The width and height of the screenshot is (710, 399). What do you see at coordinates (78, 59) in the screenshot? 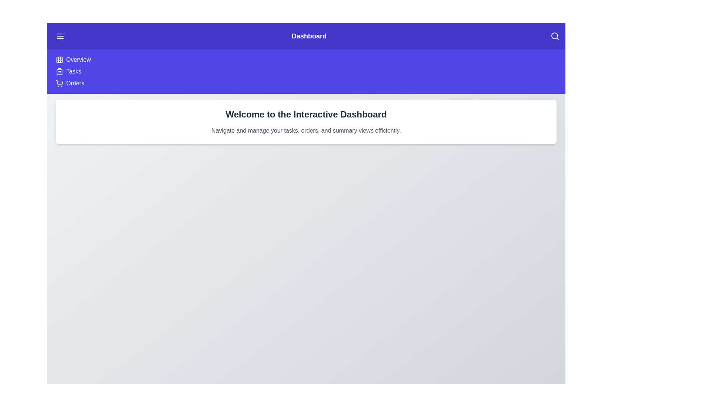
I see `the menu item Overview to navigate` at bounding box center [78, 59].